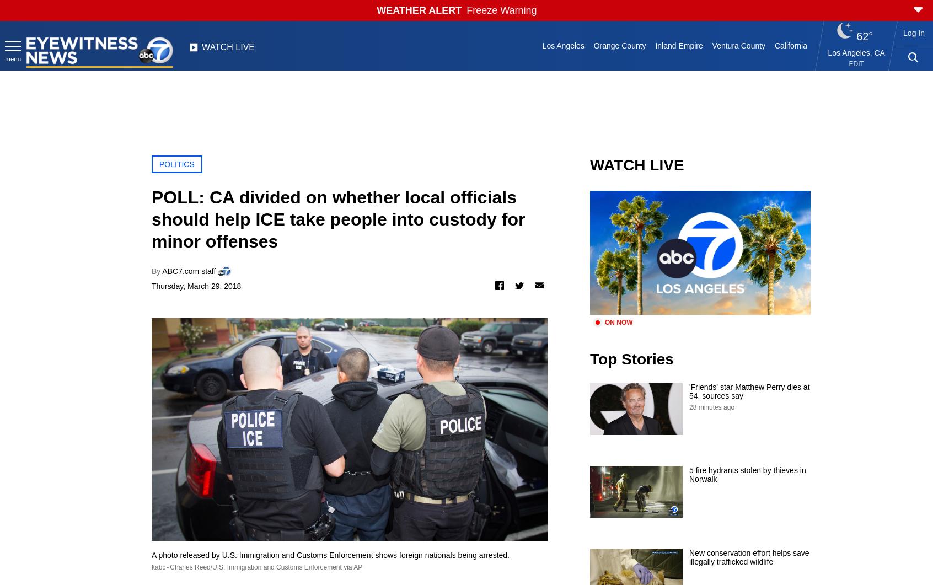  Describe the element at coordinates (419, 10) in the screenshot. I see `'WEATHER ALERT'` at that location.